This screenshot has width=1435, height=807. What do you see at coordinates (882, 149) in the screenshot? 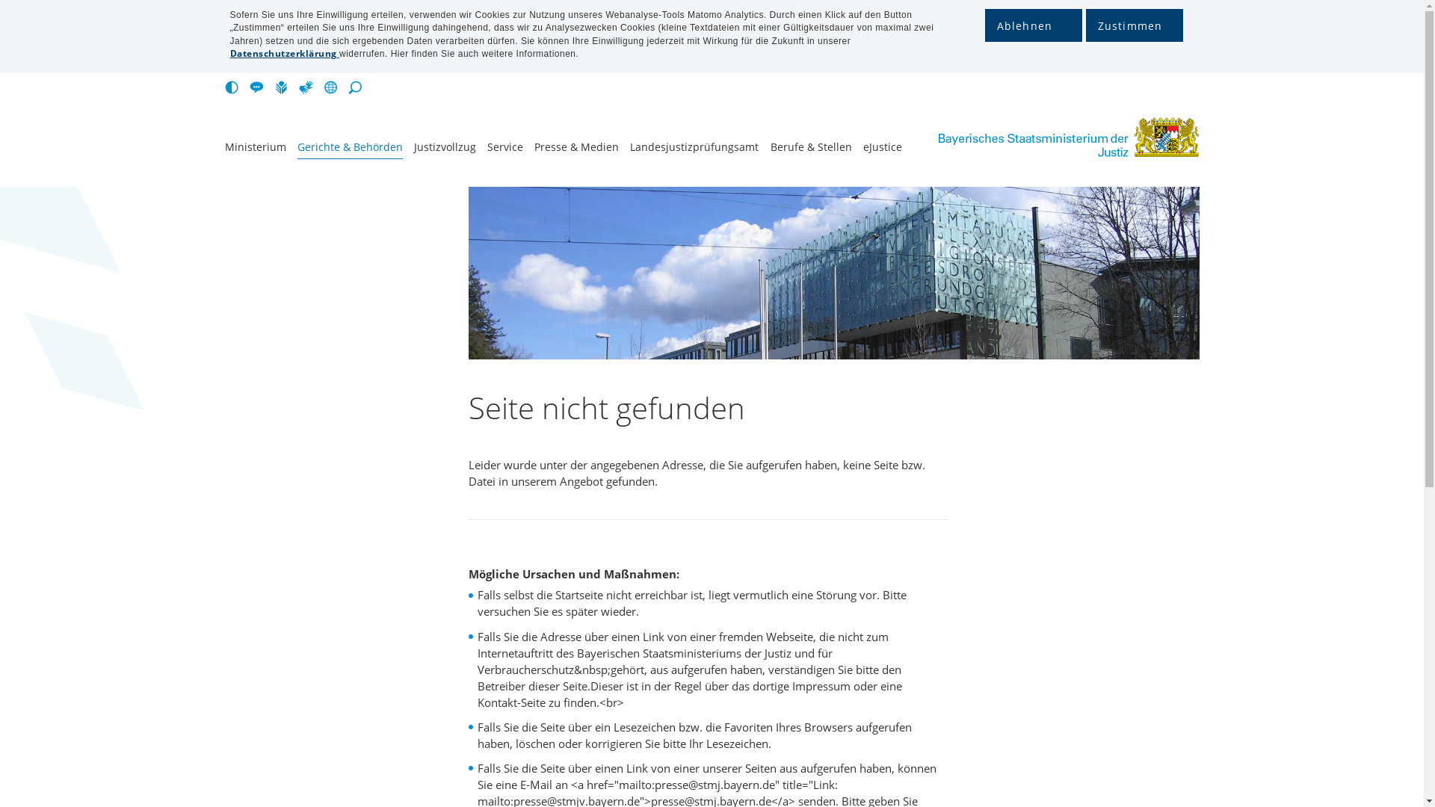
I see `'eJustice'` at bounding box center [882, 149].